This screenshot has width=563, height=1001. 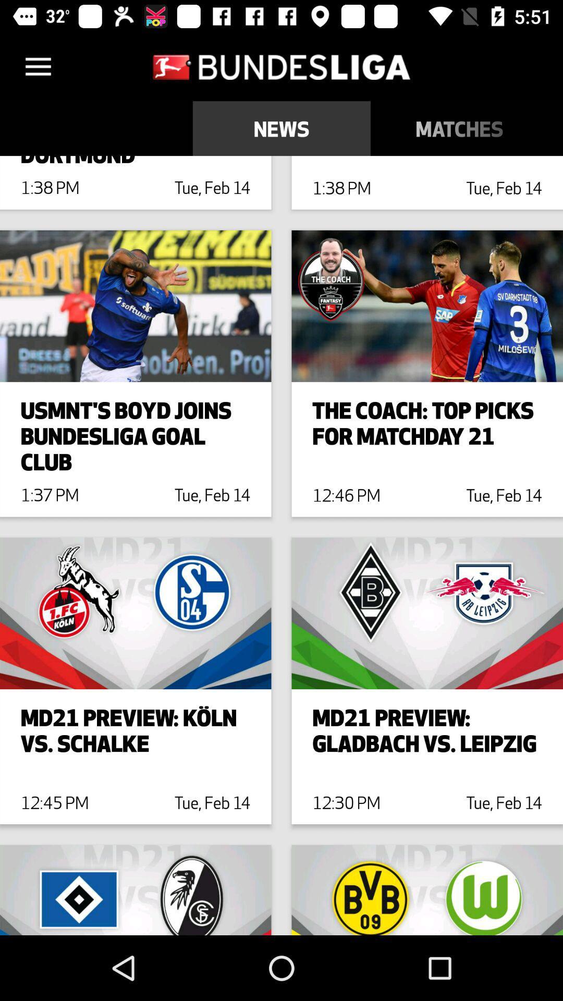 I want to click on the table icon, so click(x=555, y=128).